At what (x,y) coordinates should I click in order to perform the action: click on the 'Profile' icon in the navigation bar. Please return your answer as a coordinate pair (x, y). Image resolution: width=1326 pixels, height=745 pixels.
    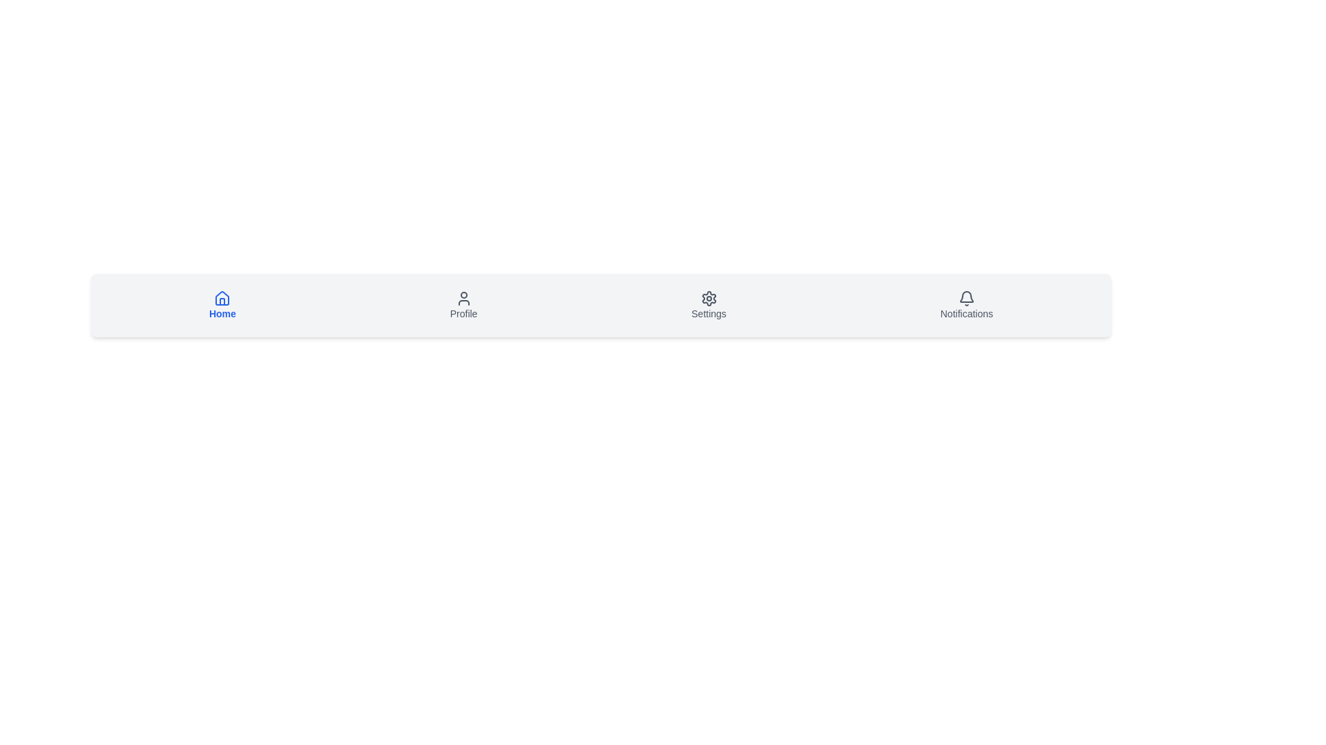
    Looking at the image, I should click on (463, 297).